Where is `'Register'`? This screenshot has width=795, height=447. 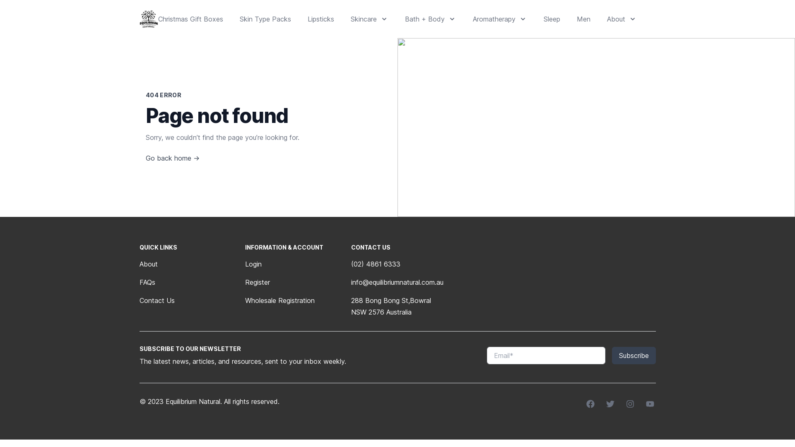 'Register' is located at coordinates (244, 282).